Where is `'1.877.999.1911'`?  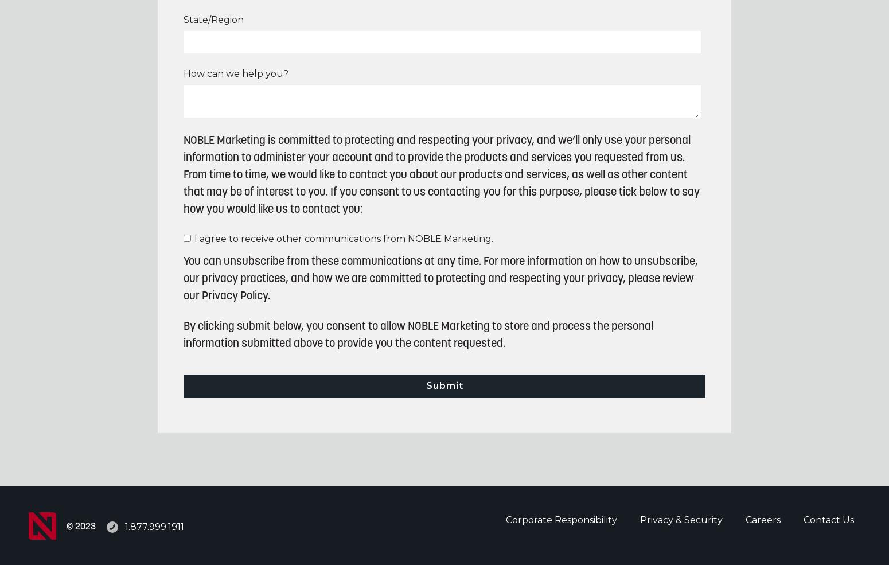 '1.877.999.1911' is located at coordinates (154, 526).